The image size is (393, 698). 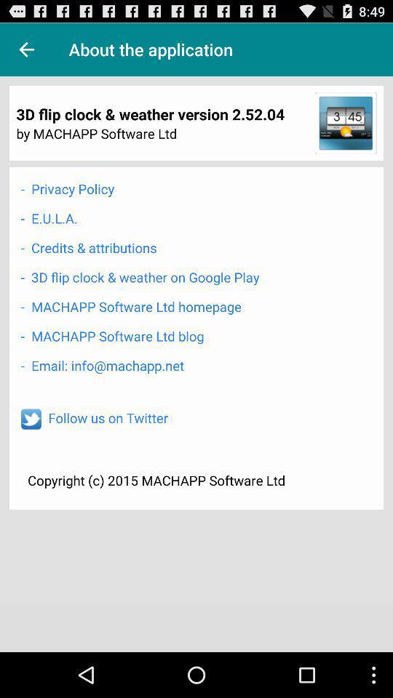 I want to click on the email info machapp, so click(x=101, y=364).